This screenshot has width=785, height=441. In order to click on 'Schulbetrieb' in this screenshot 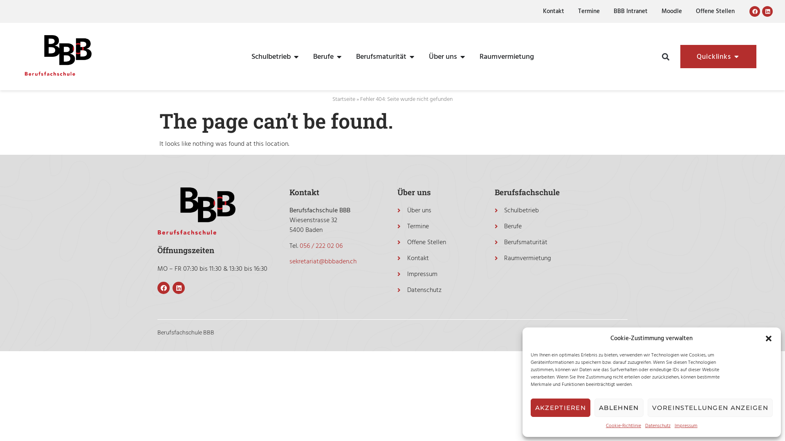, I will do `click(271, 56)`.